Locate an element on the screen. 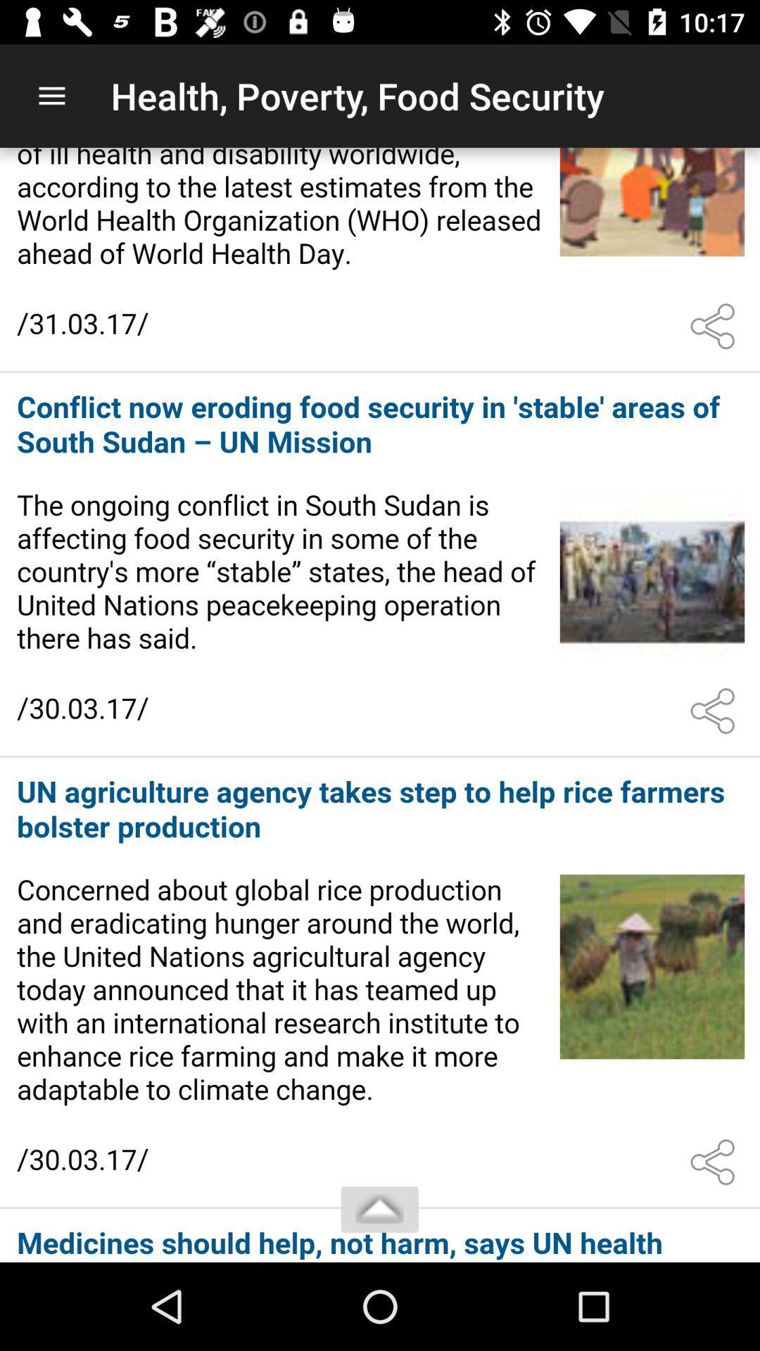 The image size is (760, 1351). news sharing symbol is located at coordinates (716, 326).